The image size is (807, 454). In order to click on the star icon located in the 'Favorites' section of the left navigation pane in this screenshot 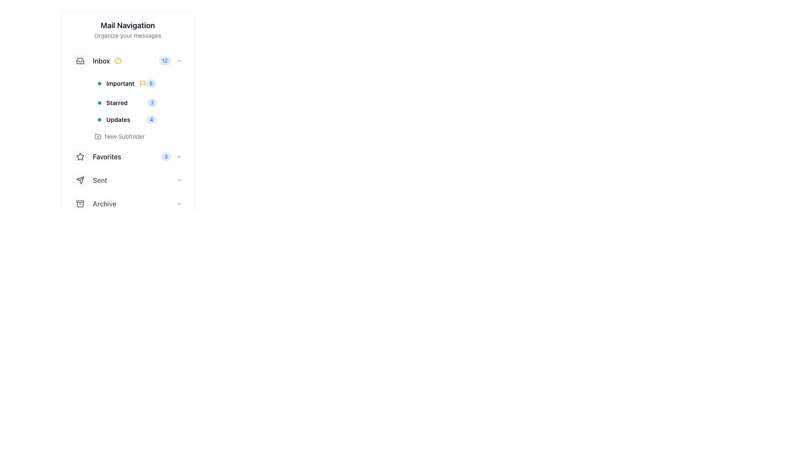, I will do `click(80, 157)`.